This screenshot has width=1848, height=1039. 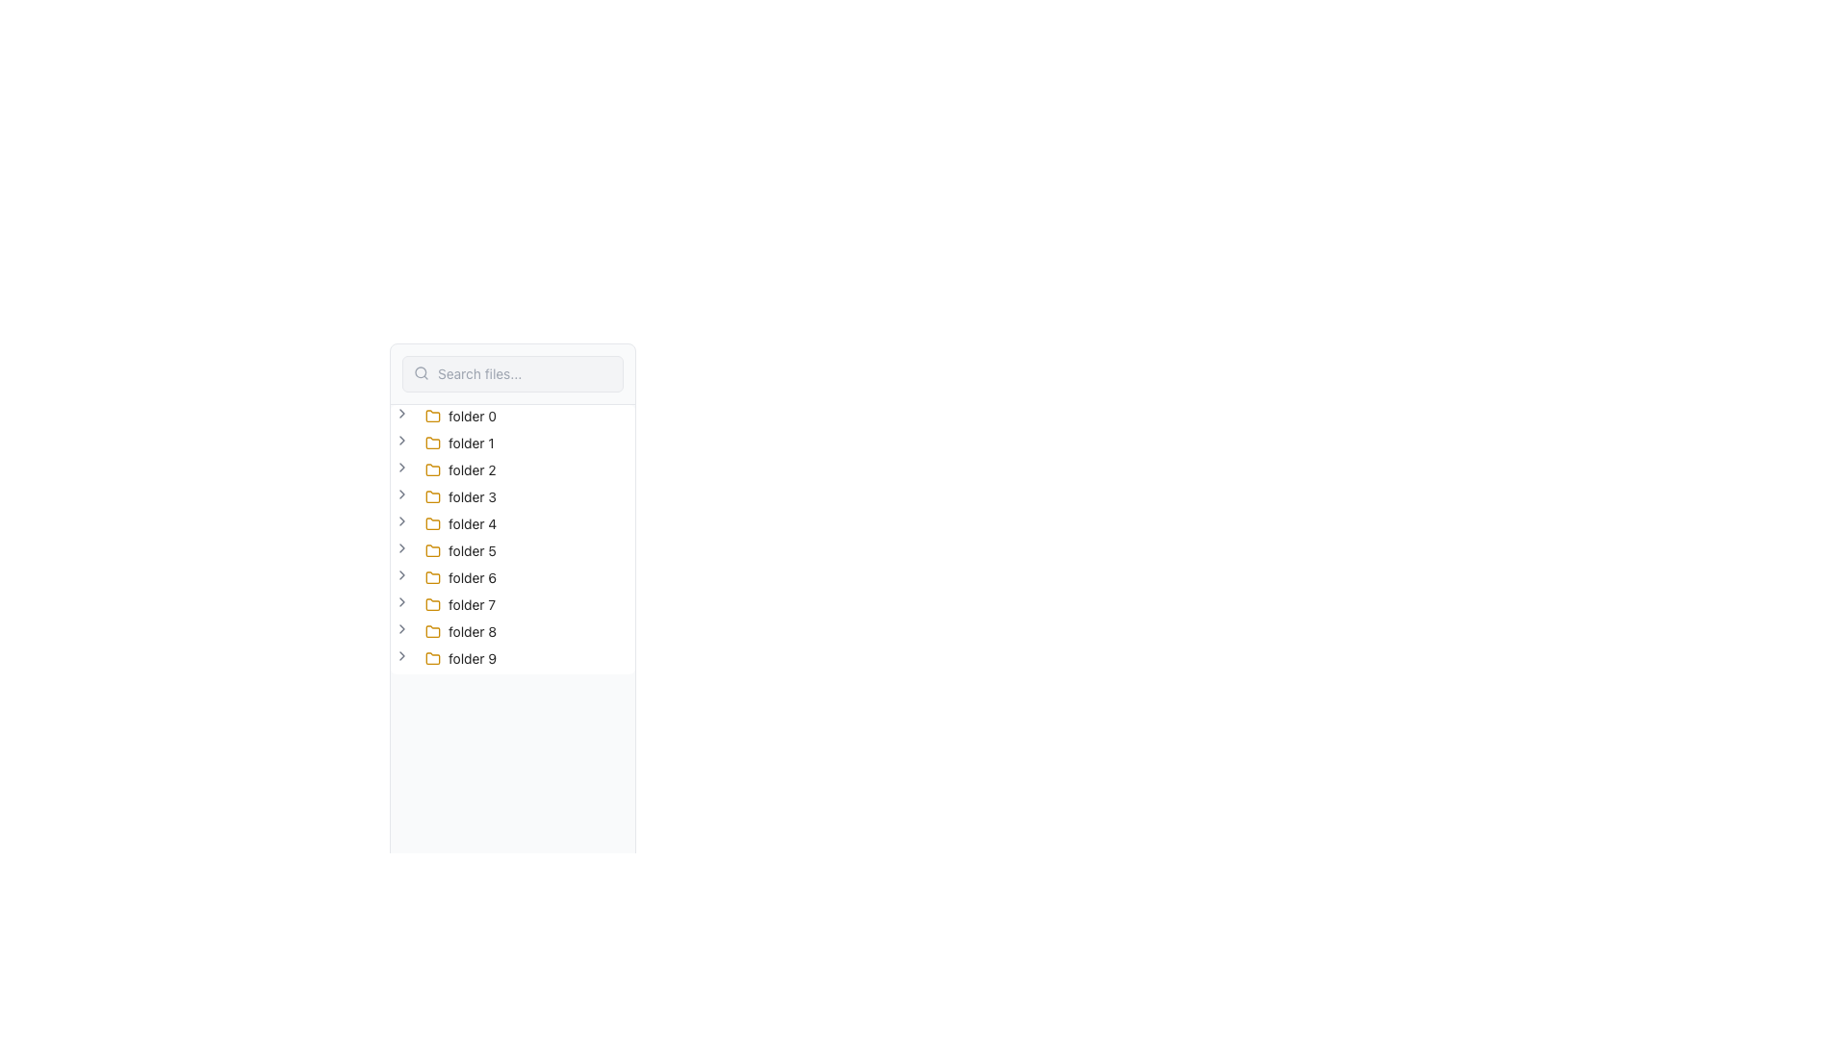 I want to click on to select the folder labeled 'folder 2', which is represented by a yellow folder icon in a vertical tree menu, so click(x=459, y=470).